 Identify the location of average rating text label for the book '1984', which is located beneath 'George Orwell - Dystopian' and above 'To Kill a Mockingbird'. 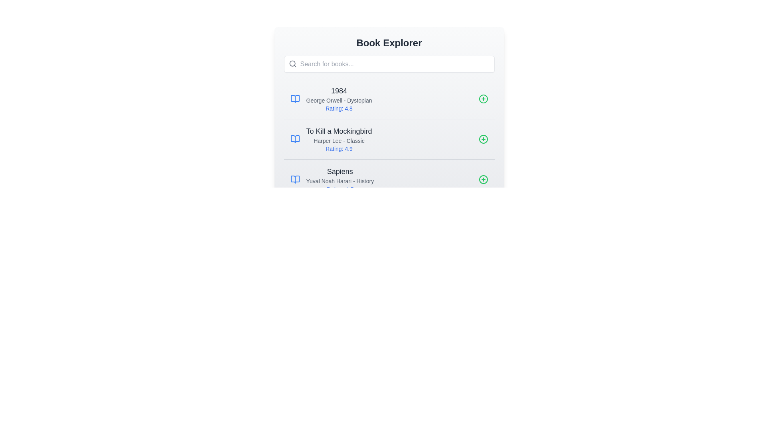
(339, 109).